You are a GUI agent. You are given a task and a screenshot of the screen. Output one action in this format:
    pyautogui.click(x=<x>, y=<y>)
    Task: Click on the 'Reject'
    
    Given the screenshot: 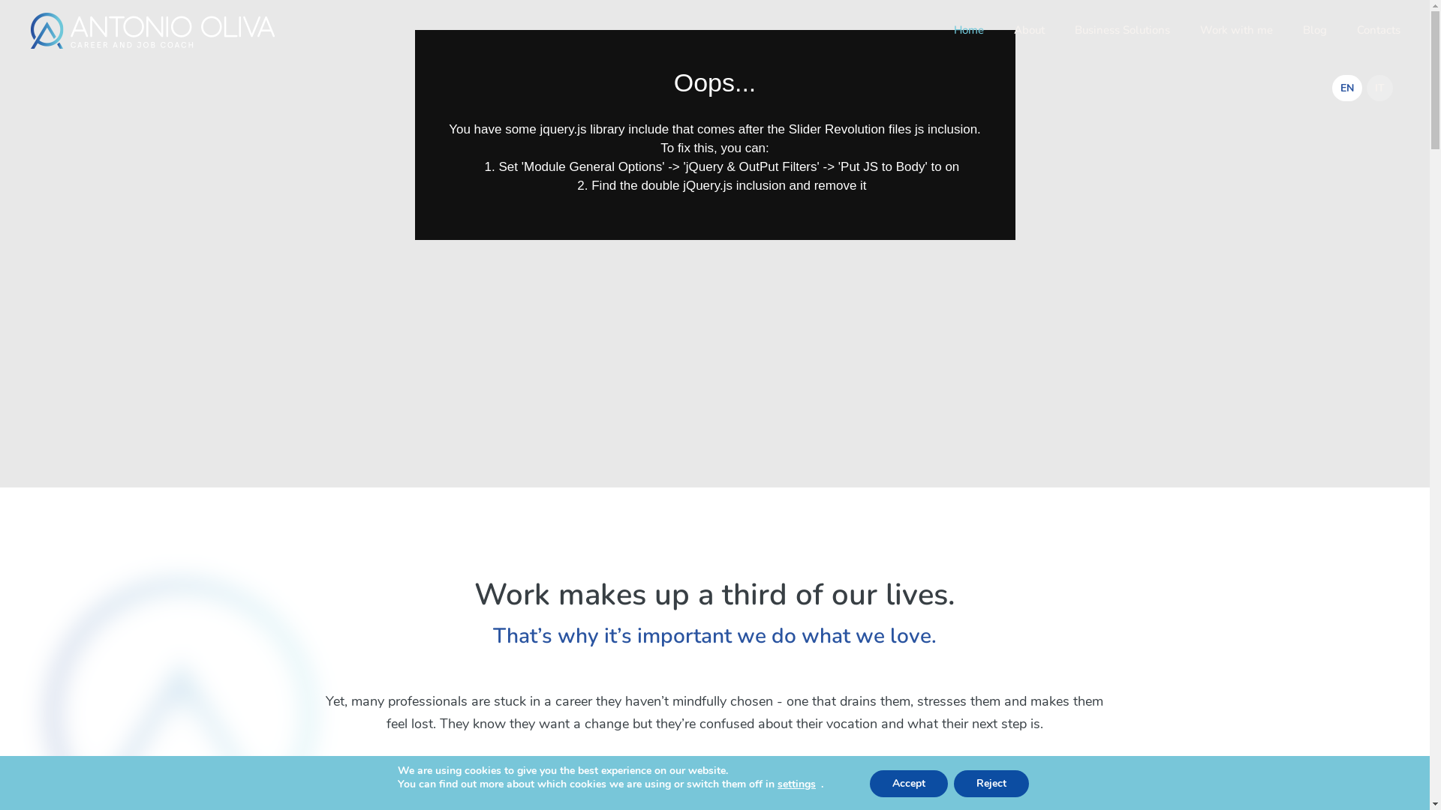 What is the action you would take?
    pyautogui.click(x=991, y=782)
    